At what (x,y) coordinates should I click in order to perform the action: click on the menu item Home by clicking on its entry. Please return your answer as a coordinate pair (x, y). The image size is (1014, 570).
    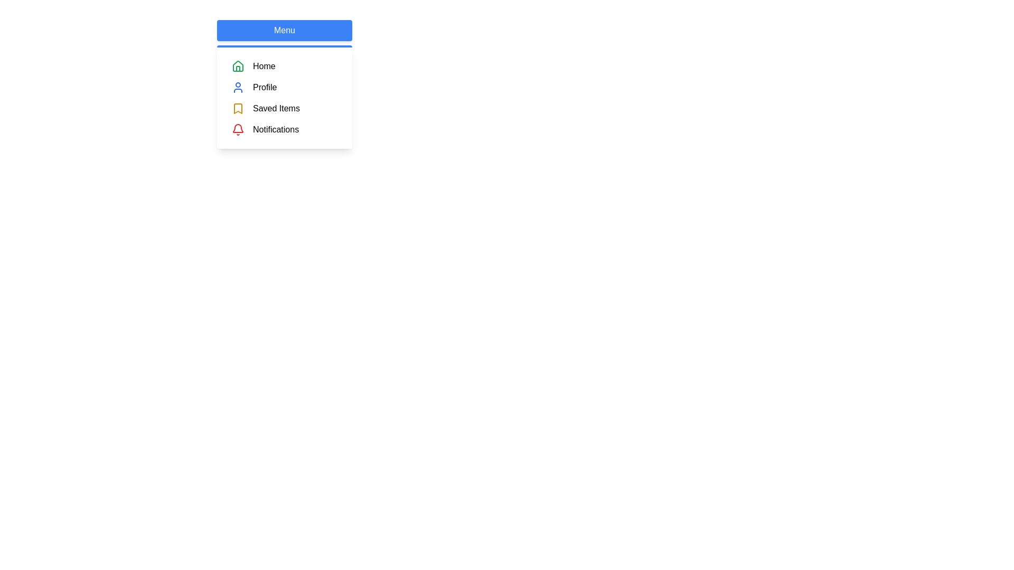
    Looking at the image, I should click on (284, 66).